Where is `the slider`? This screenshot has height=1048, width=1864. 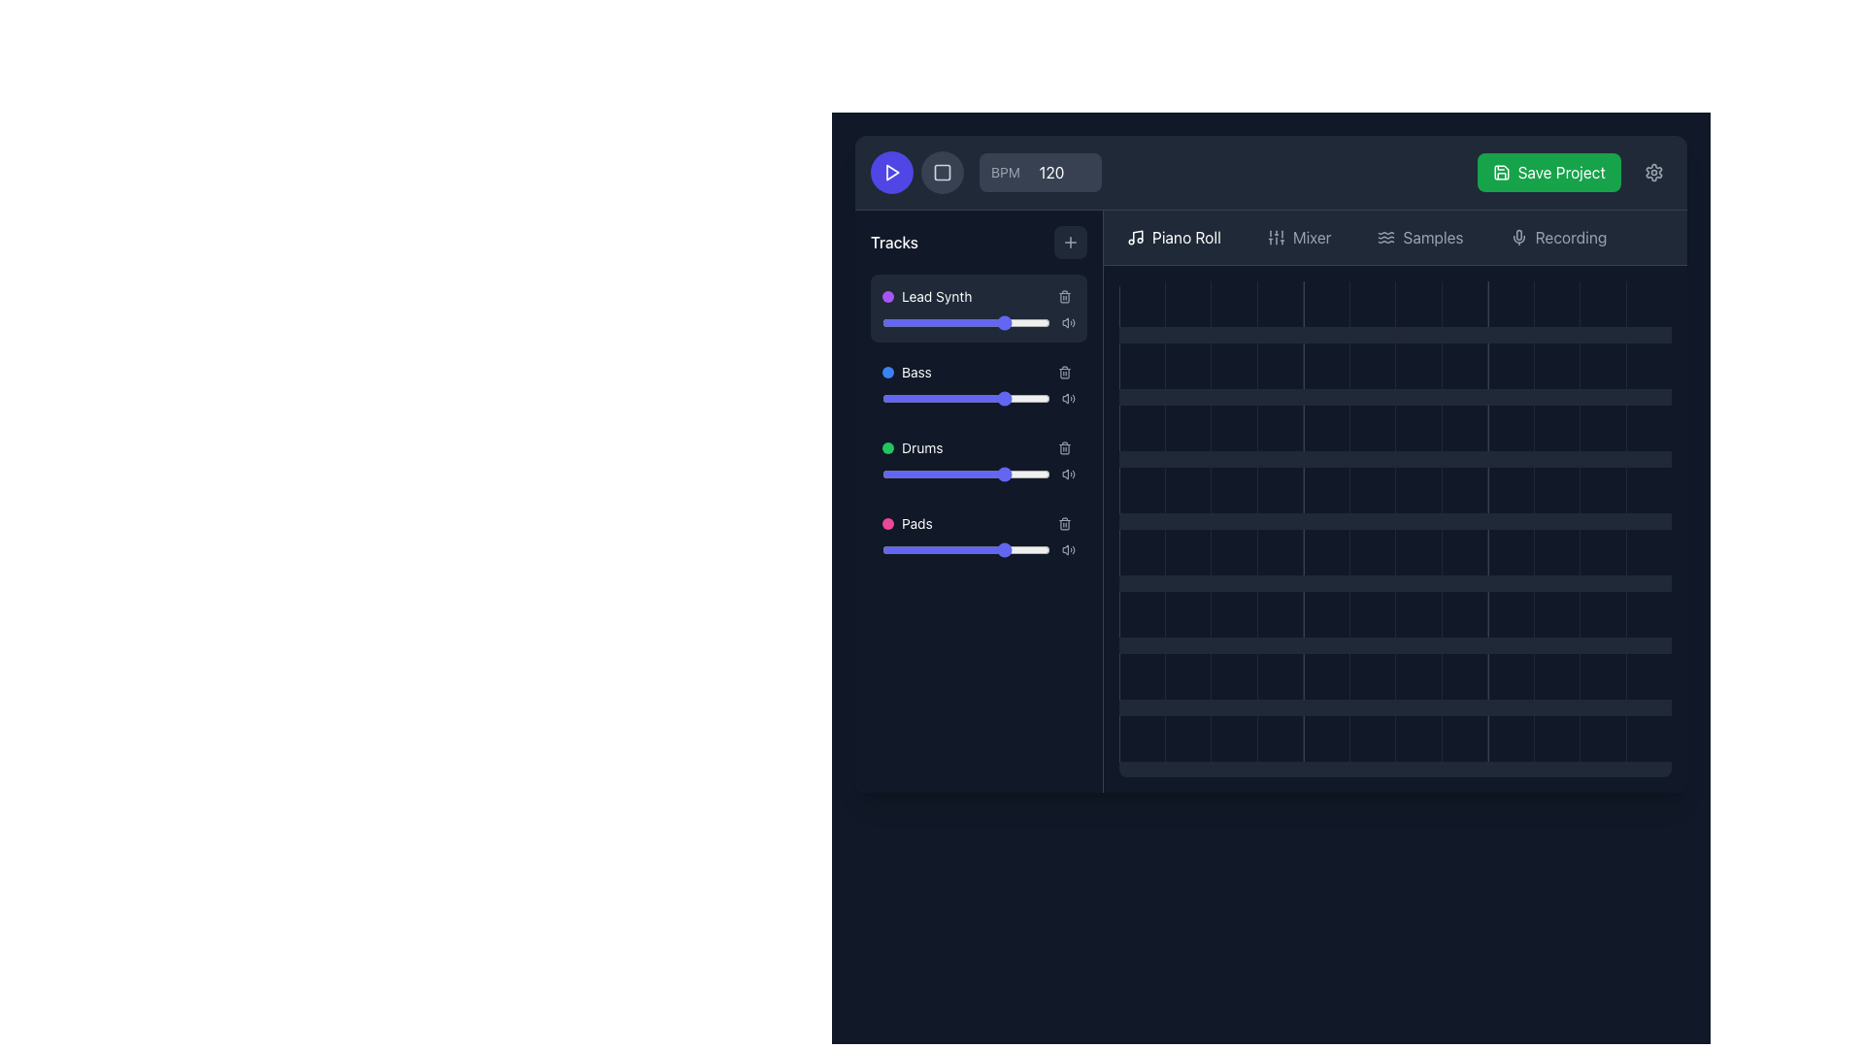
the slider is located at coordinates (884, 550).